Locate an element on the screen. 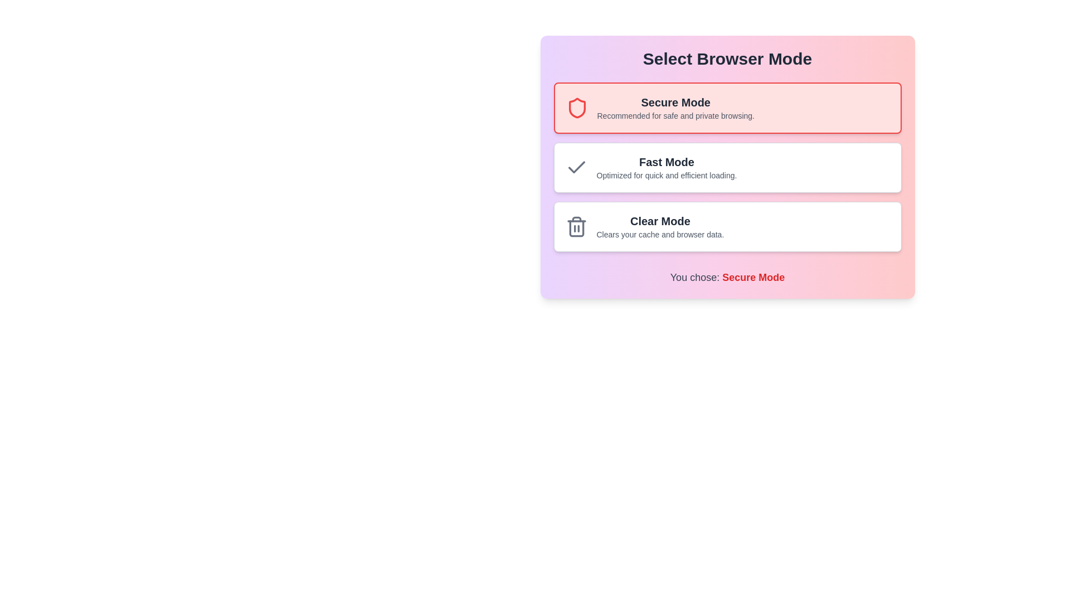 This screenshot has height=602, width=1070. text content displayed in the Text display component that shows 'You chose: Secure Mode' at the bottom of the card-like selection interface is located at coordinates (727, 276).